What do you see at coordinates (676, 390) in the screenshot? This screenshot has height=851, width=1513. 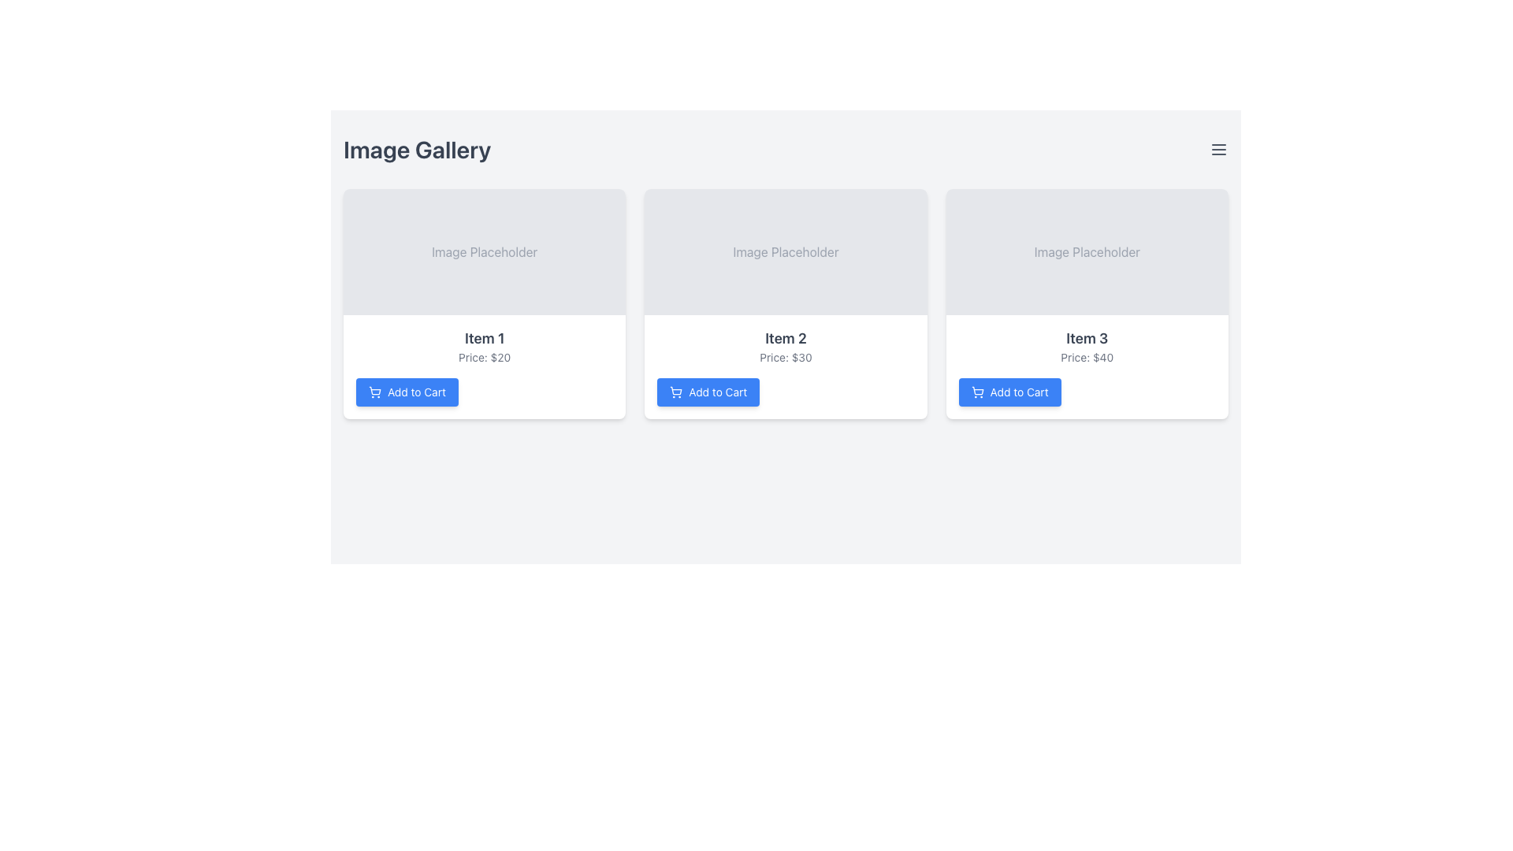 I see `the cart icon located within the 'Add to Cart' button for 'Item 2' to visually represent adding the item to the shopping cart` at bounding box center [676, 390].